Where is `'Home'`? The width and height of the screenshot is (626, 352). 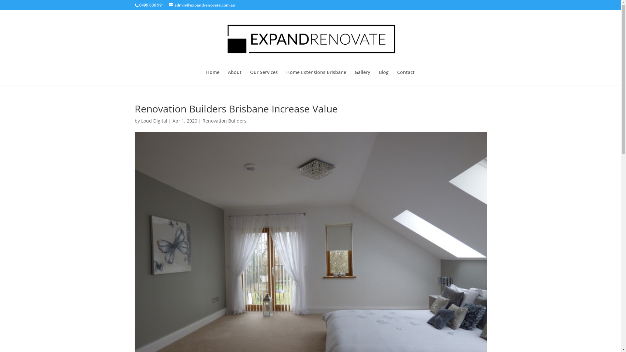
'Home' is located at coordinates (213, 77).